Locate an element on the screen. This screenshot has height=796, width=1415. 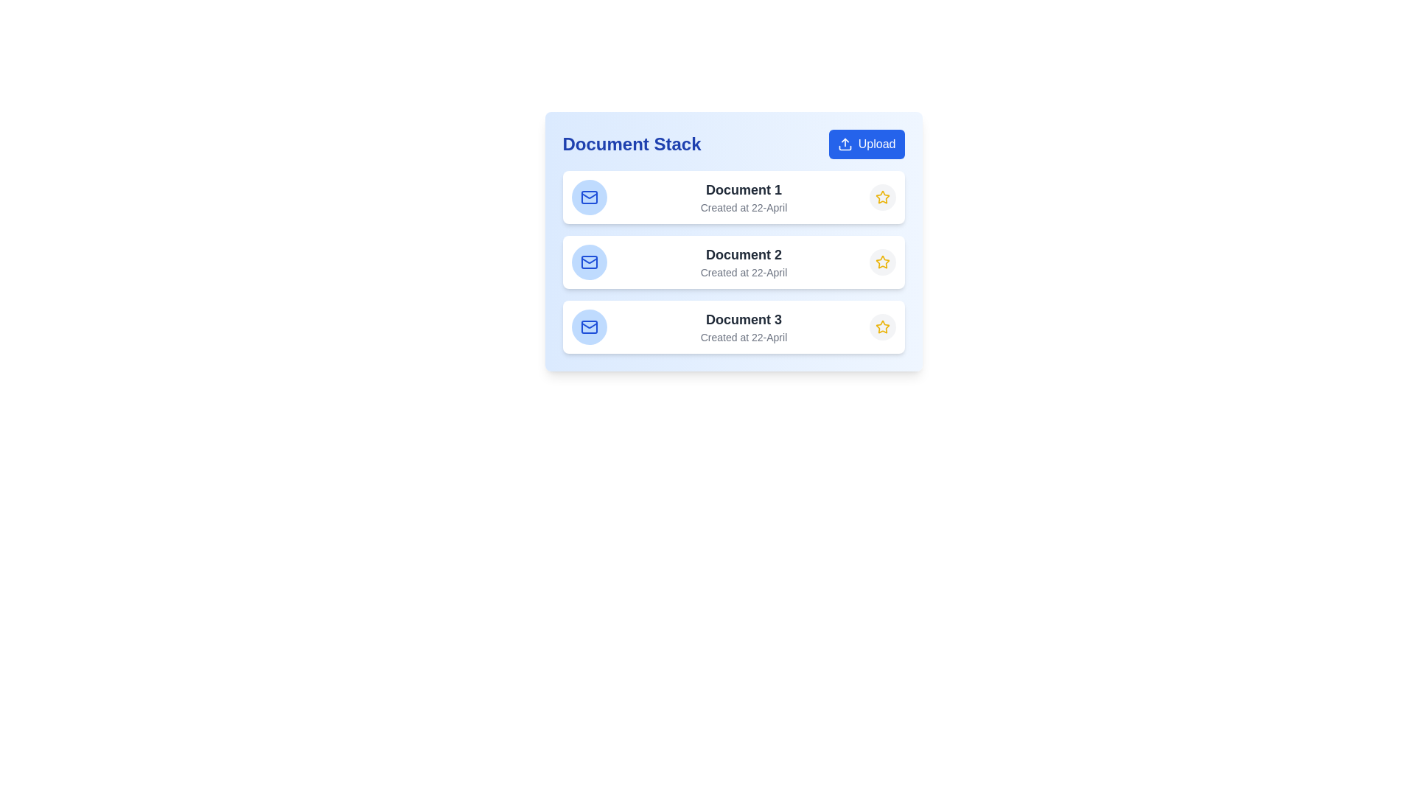
the star-shaped icon button located on the far right of the third item in the vertical list under 'Document Stack' is located at coordinates (882, 326).